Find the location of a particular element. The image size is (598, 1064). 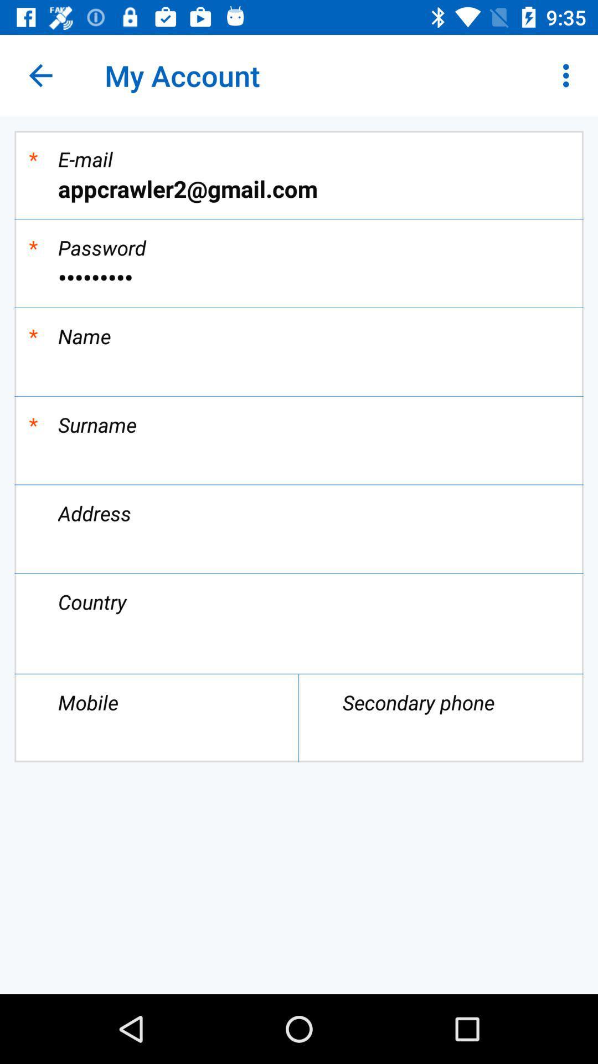

icon above the appcrawler2@gmail.com icon is located at coordinates (569, 75).